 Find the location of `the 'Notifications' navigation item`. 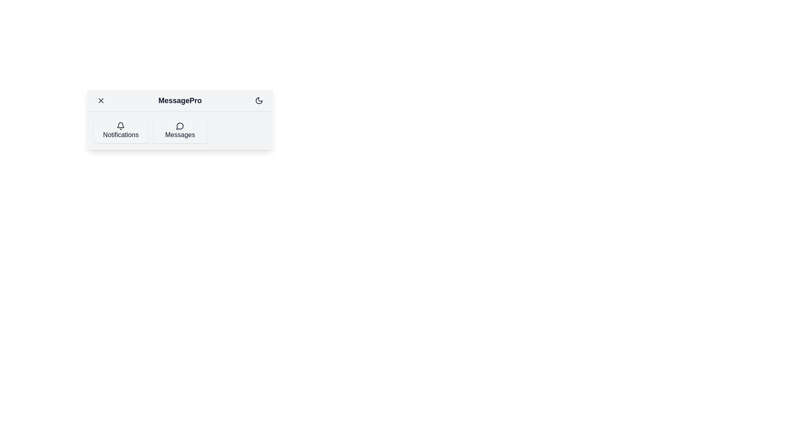

the 'Notifications' navigation item is located at coordinates (120, 131).